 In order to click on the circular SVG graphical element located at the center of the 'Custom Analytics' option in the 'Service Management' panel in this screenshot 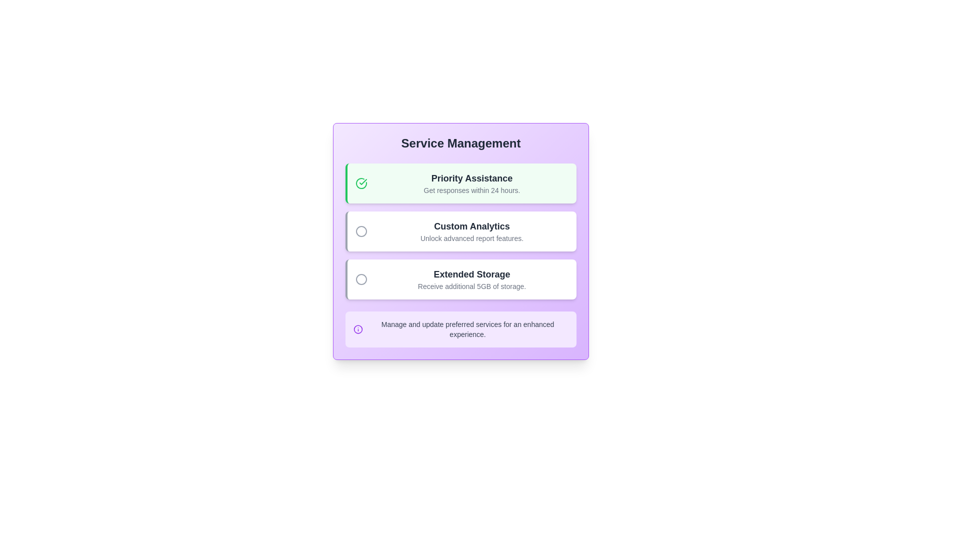, I will do `click(361, 231)`.